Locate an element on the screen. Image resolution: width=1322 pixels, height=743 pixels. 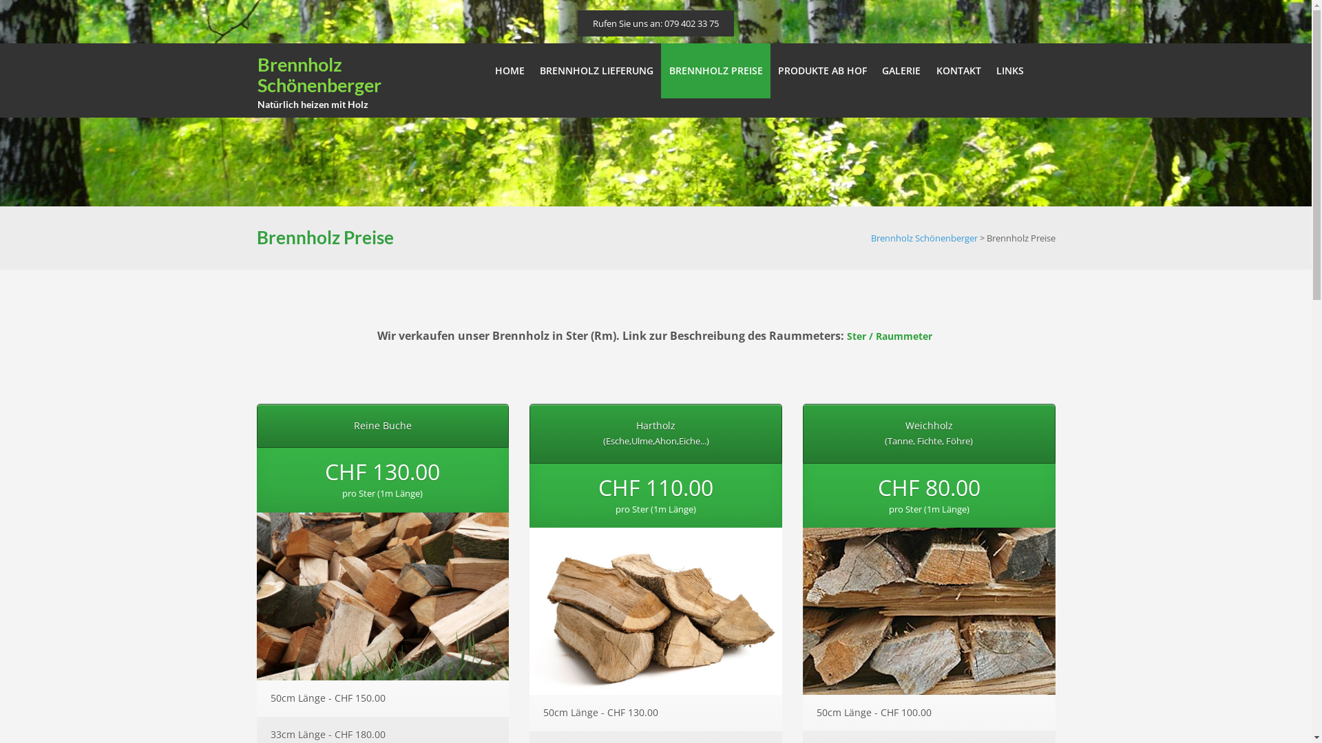
'BRENNHOLZ PREISE' is located at coordinates (715, 71).